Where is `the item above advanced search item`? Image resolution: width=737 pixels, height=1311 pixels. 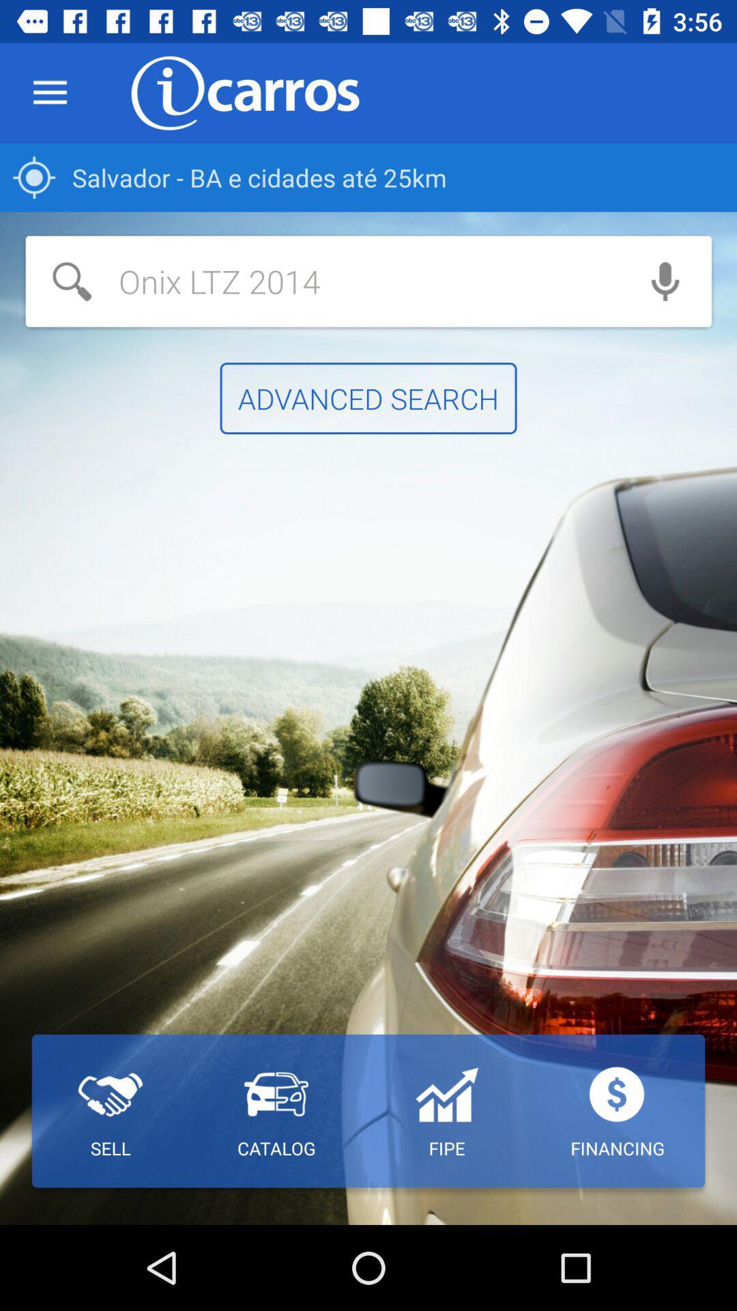 the item above advanced search item is located at coordinates (322, 281).